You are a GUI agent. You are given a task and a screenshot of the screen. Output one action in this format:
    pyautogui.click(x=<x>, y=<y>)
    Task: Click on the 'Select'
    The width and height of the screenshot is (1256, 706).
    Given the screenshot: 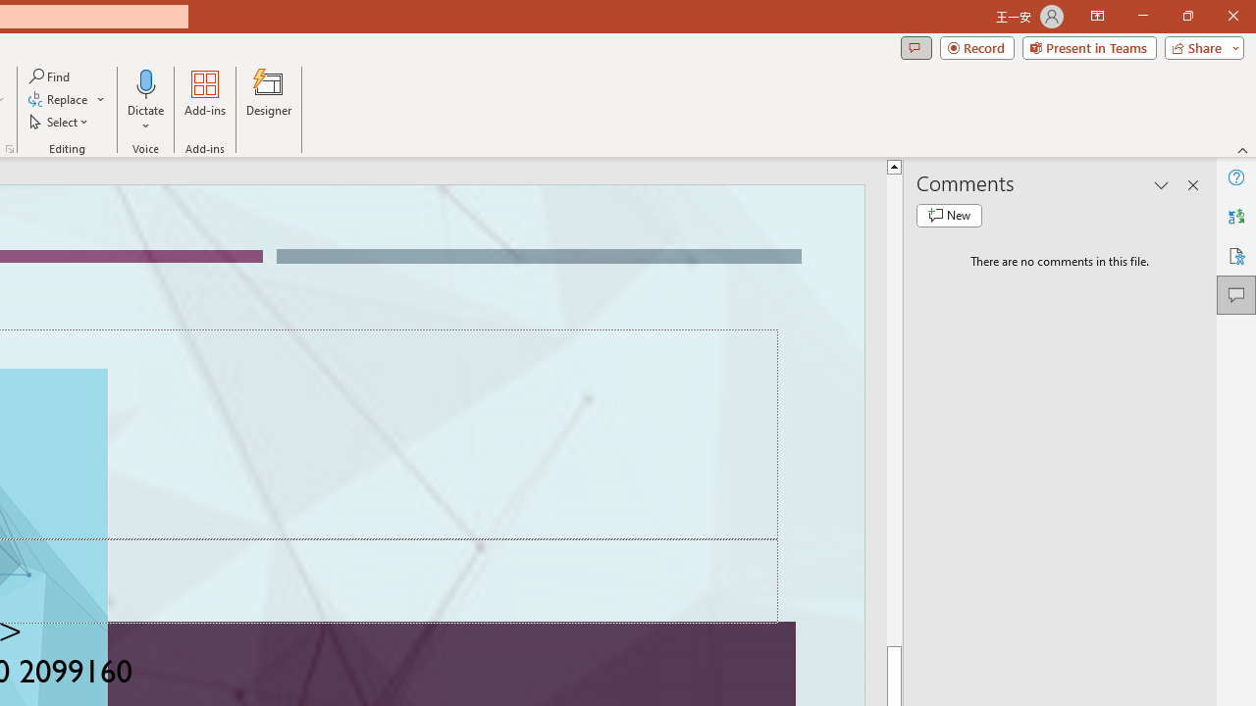 What is the action you would take?
    pyautogui.click(x=60, y=122)
    